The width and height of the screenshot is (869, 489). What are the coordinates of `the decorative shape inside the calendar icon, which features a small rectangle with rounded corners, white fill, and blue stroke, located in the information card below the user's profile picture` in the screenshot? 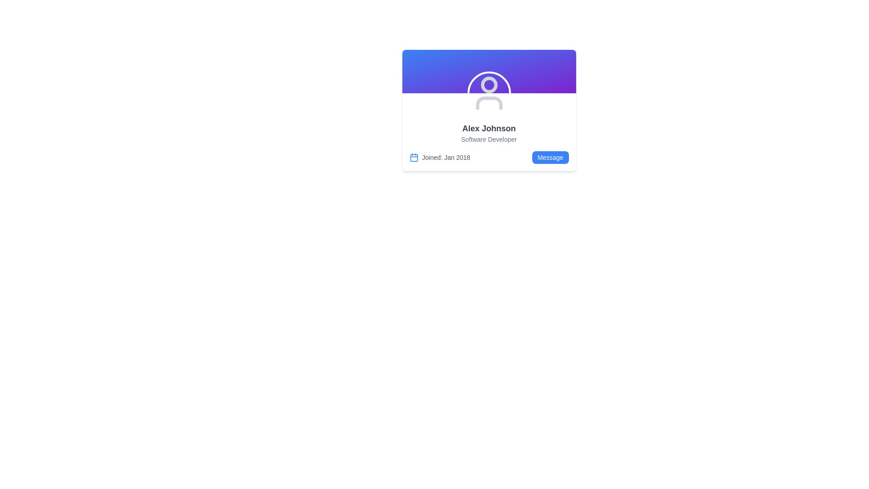 It's located at (413, 157).